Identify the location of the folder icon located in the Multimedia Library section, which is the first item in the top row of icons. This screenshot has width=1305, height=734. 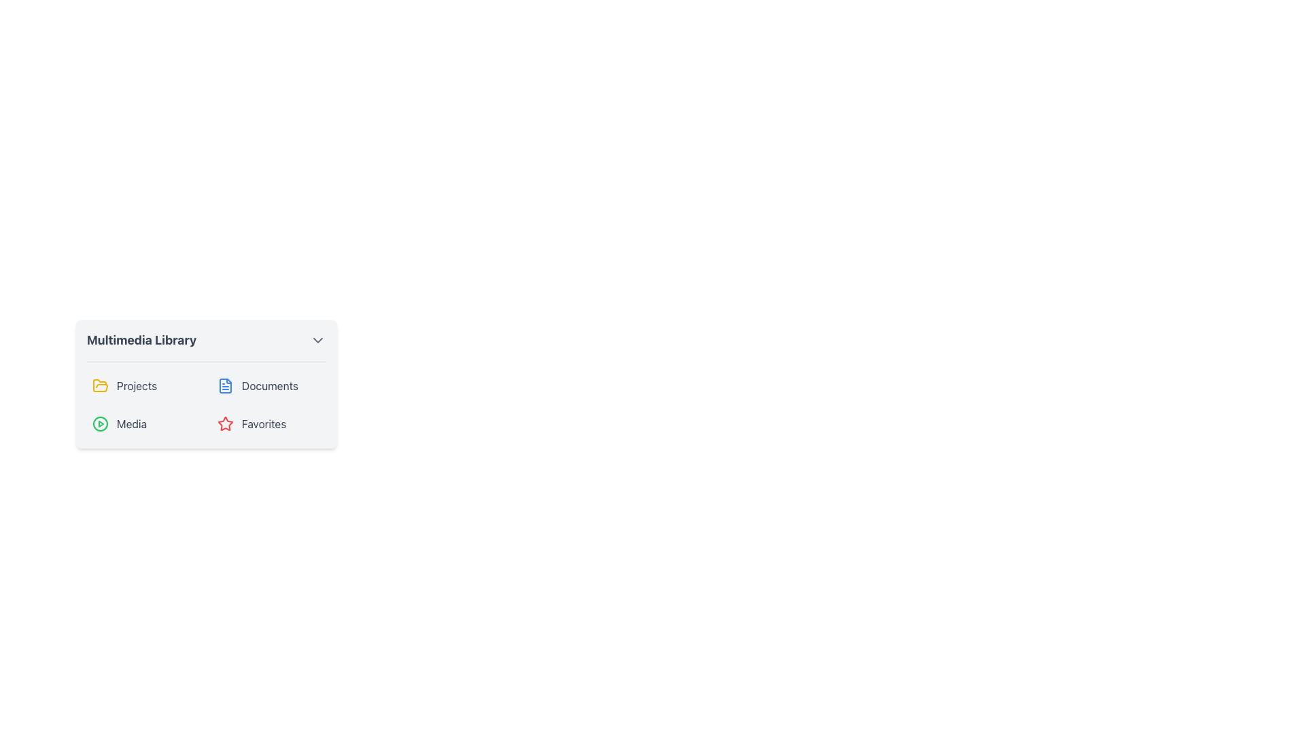
(100, 385).